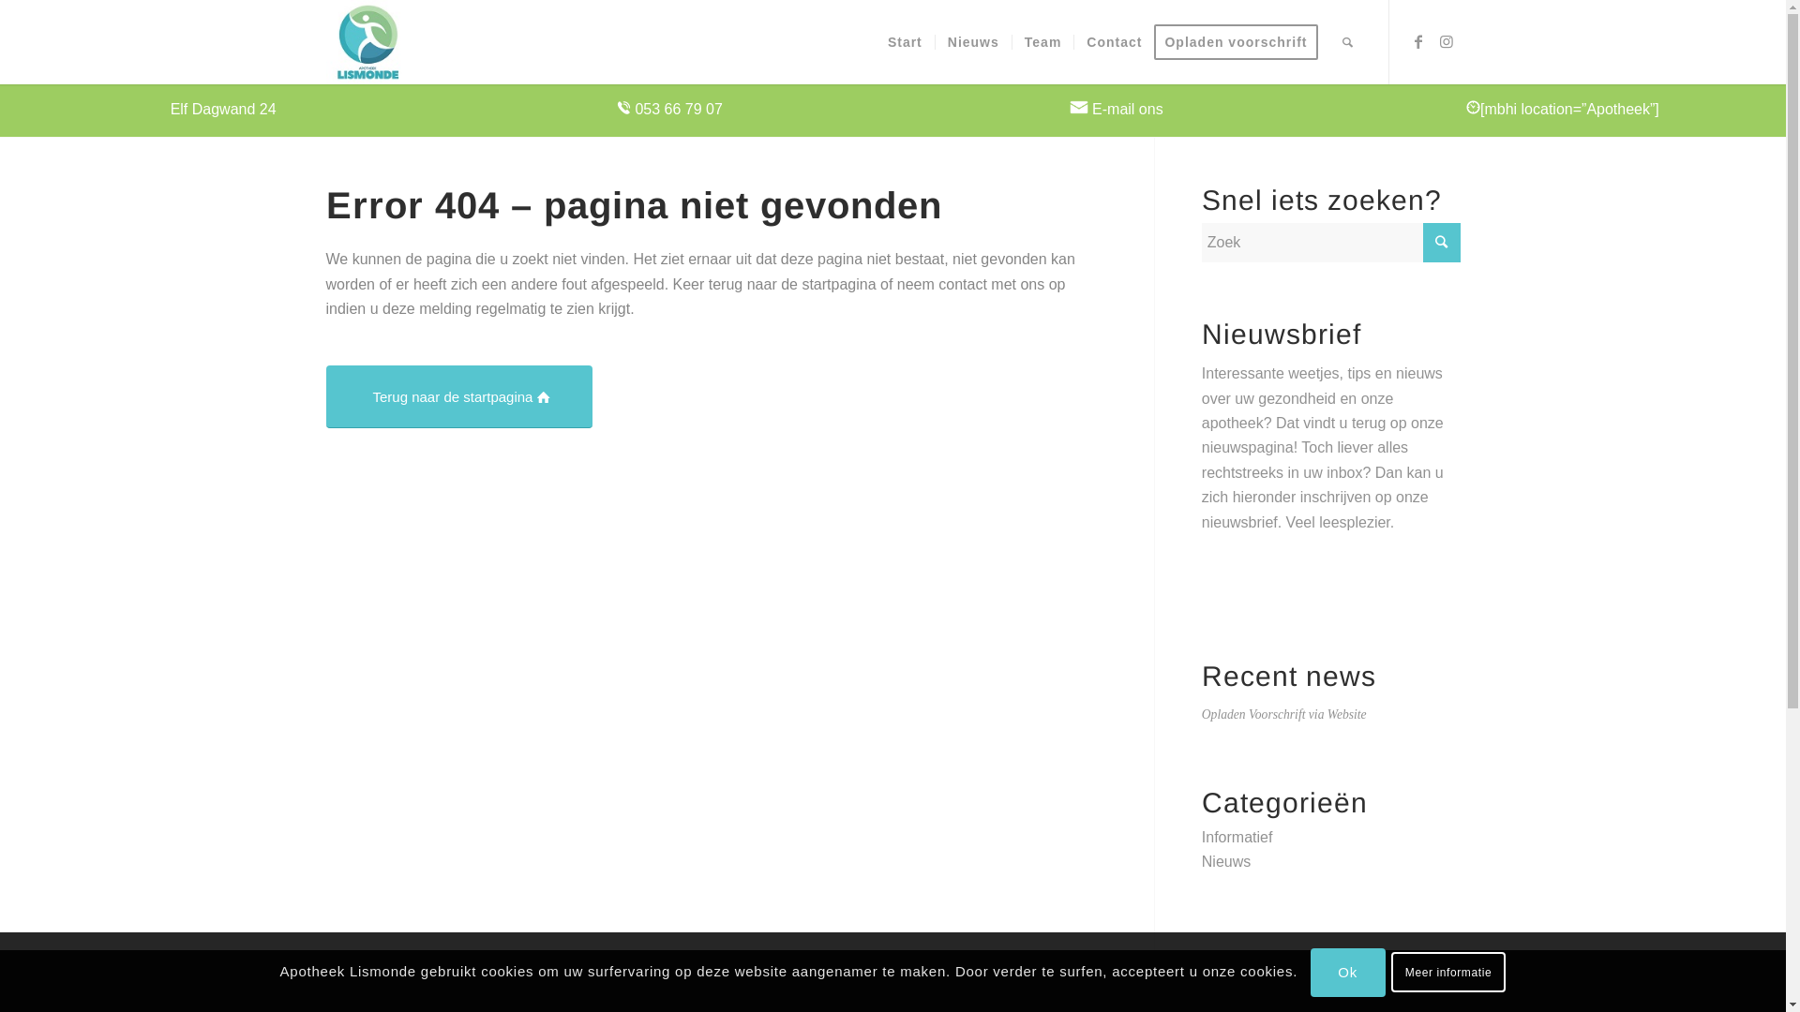 The width and height of the screenshot is (1800, 1012). I want to click on 'Nieuws', so click(1226, 861).